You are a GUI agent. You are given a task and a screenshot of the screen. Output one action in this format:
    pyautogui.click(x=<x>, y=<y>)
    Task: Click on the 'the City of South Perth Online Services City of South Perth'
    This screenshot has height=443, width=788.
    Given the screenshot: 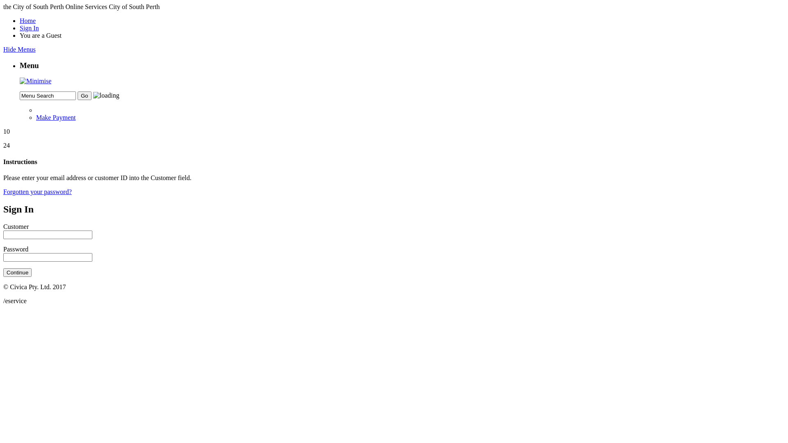 What is the action you would take?
    pyautogui.click(x=3, y=7)
    